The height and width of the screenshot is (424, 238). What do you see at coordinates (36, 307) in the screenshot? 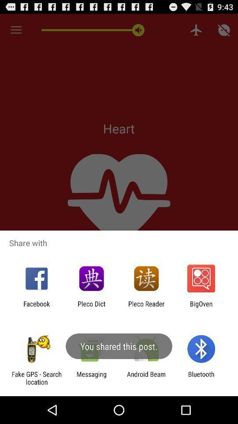
I see `item next to the pleco dict icon` at bounding box center [36, 307].